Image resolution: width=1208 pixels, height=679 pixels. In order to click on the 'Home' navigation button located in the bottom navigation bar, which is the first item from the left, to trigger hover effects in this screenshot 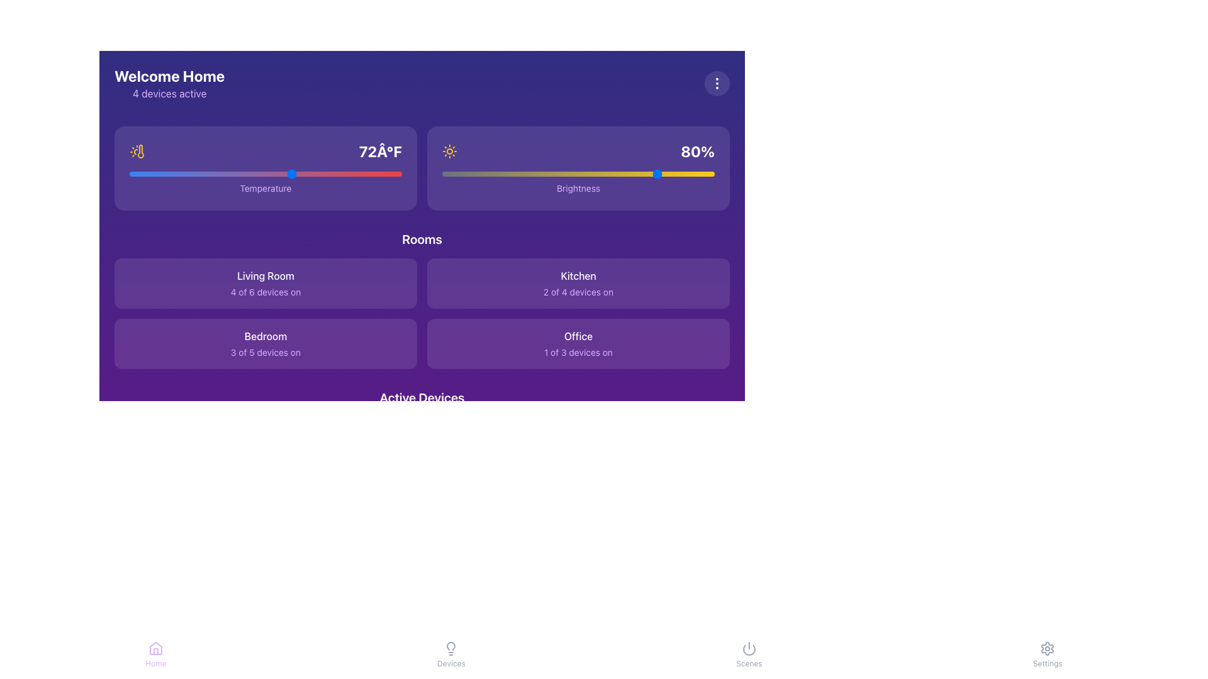, I will do `click(155, 654)`.